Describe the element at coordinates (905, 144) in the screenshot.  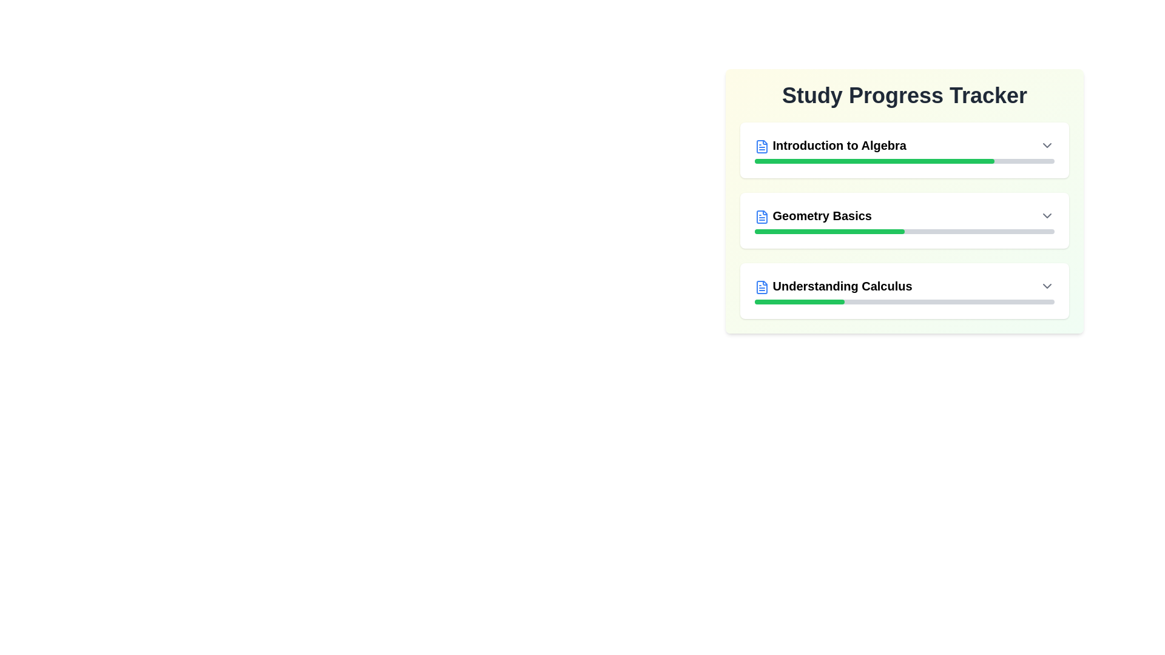
I see `the 'Introduction to Algebra' list item to reveal the dropdown choices associated with this topic` at that location.